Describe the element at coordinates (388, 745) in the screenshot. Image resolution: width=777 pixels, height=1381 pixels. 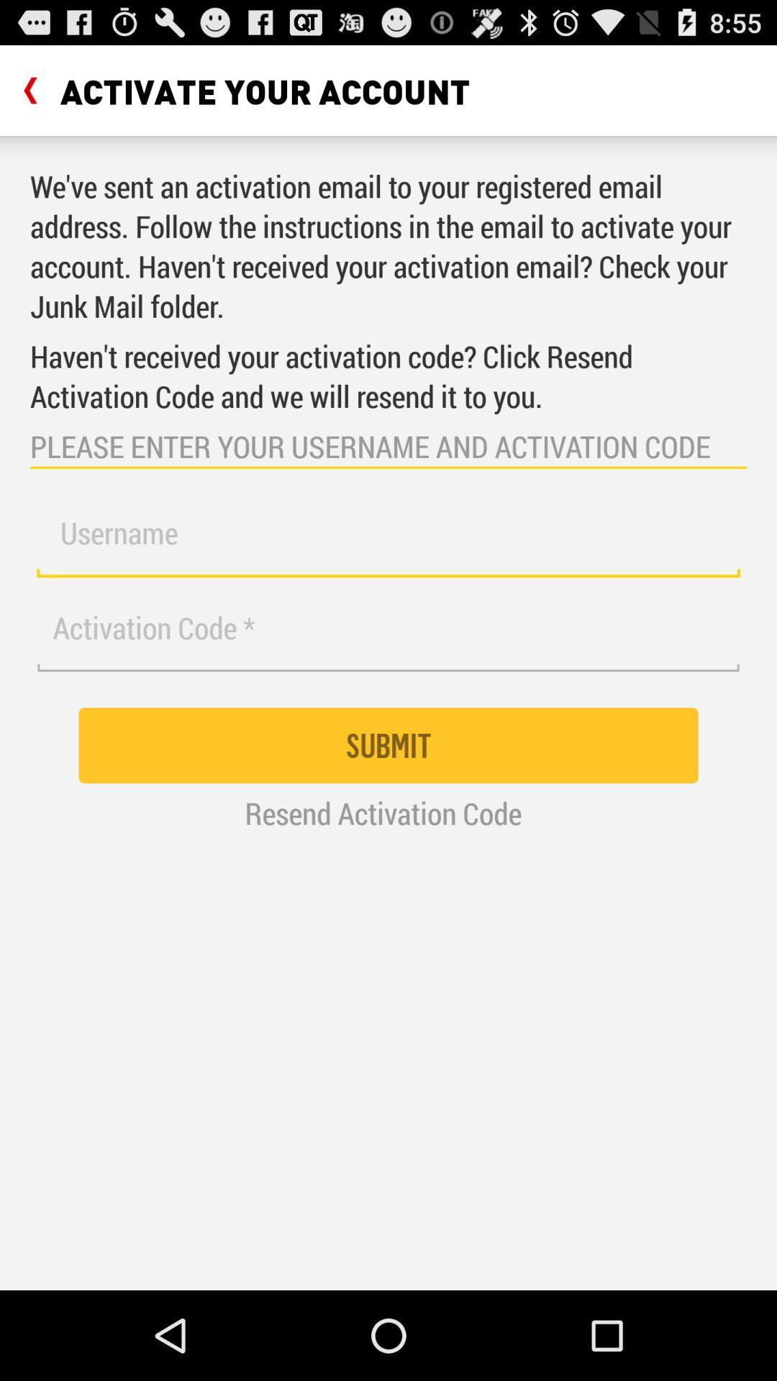
I see `item above resend activation code icon` at that location.